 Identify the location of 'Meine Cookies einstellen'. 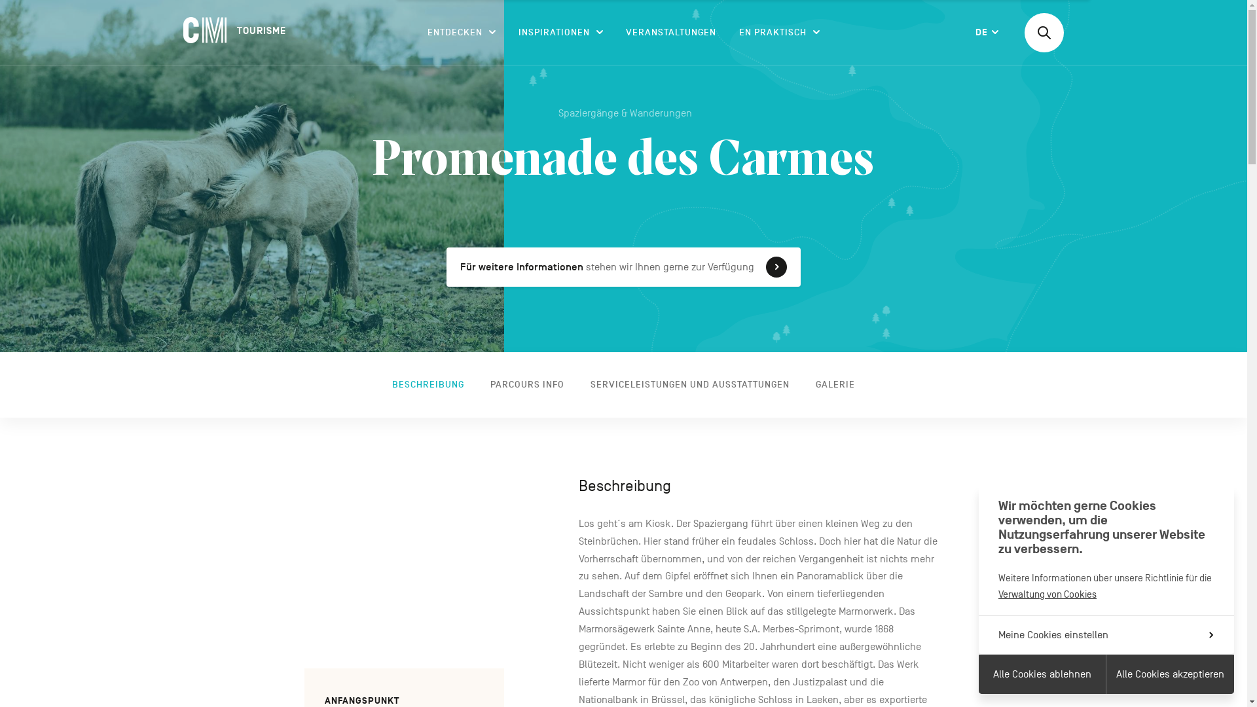
(1105, 634).